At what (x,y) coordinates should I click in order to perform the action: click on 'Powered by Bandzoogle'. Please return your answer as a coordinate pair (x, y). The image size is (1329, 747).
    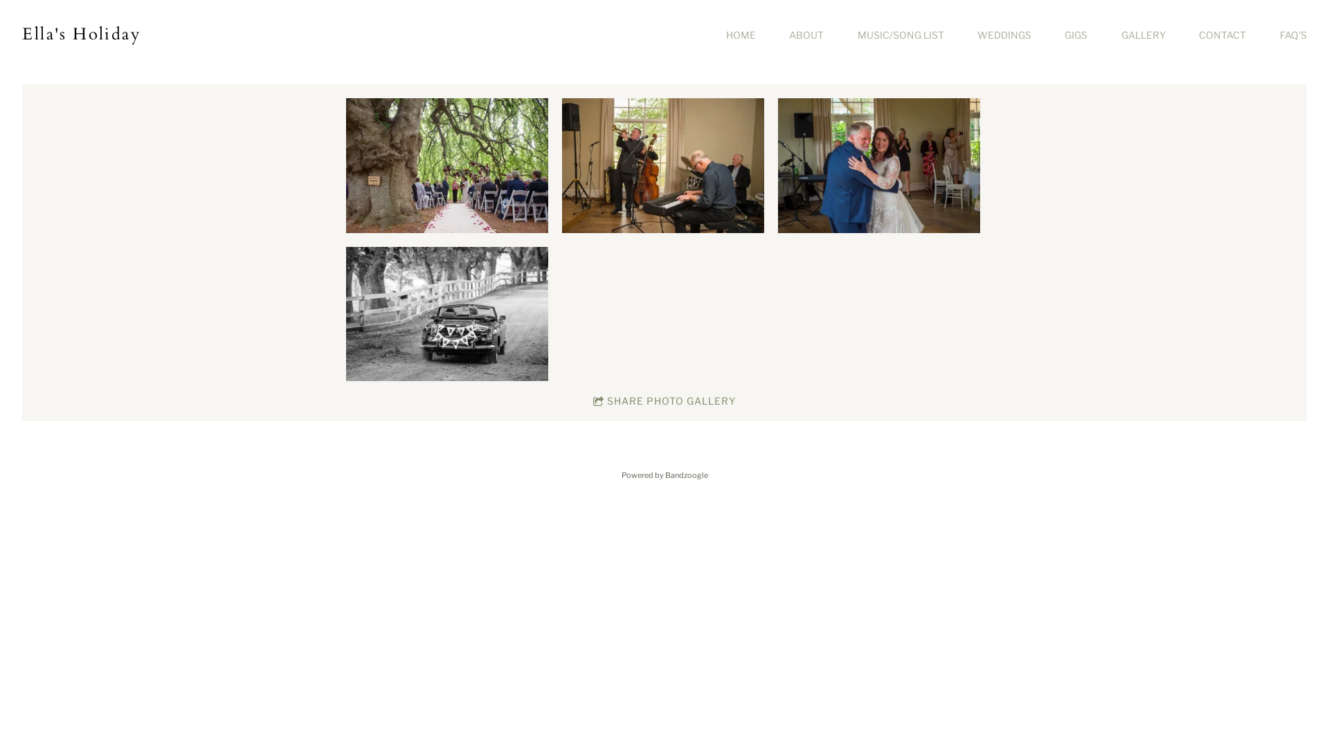
    Looking at the image, I should click on (664, 474).